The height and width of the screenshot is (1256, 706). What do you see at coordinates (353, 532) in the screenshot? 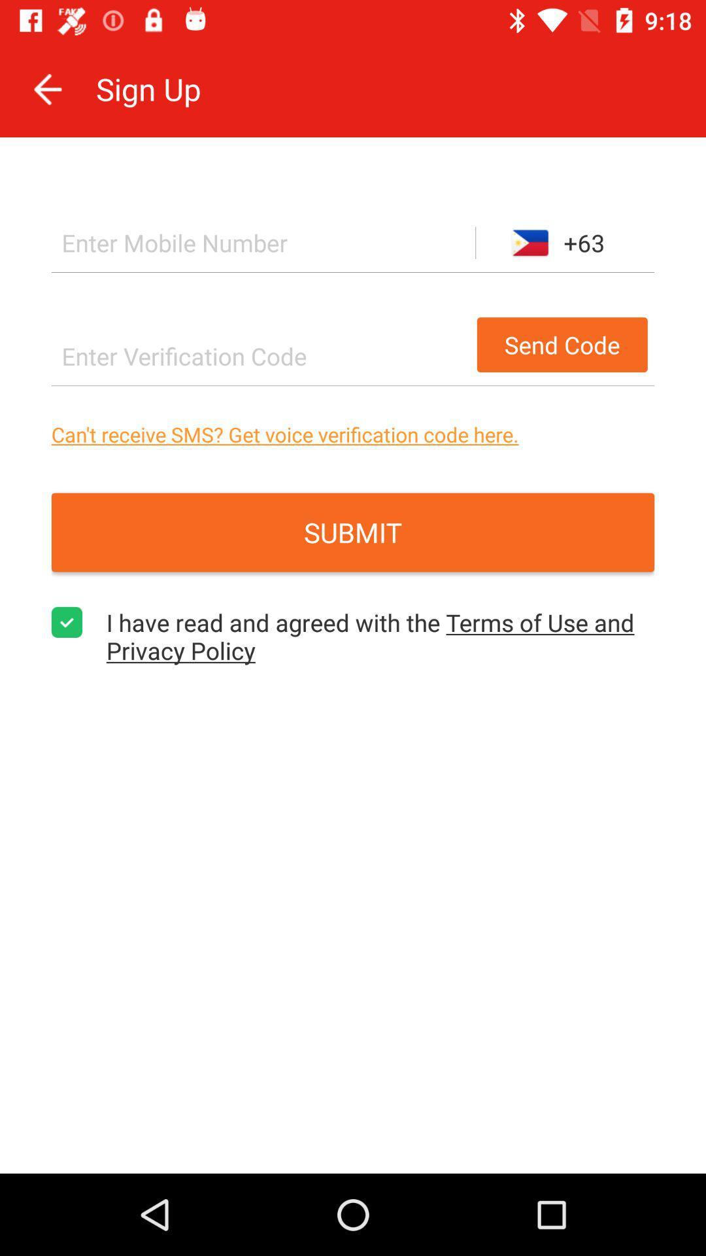
I see `the submit` at bounding box center [353, 532].